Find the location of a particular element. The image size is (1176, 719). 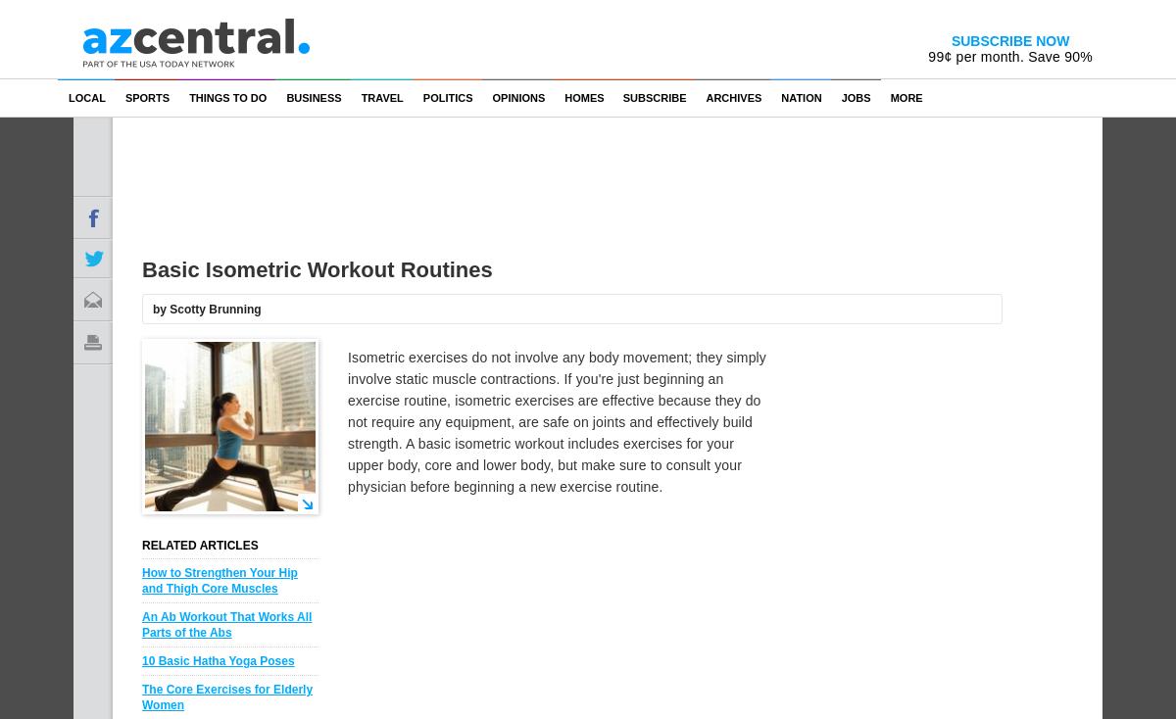

'Sports' is located at coordinates (147, 97).